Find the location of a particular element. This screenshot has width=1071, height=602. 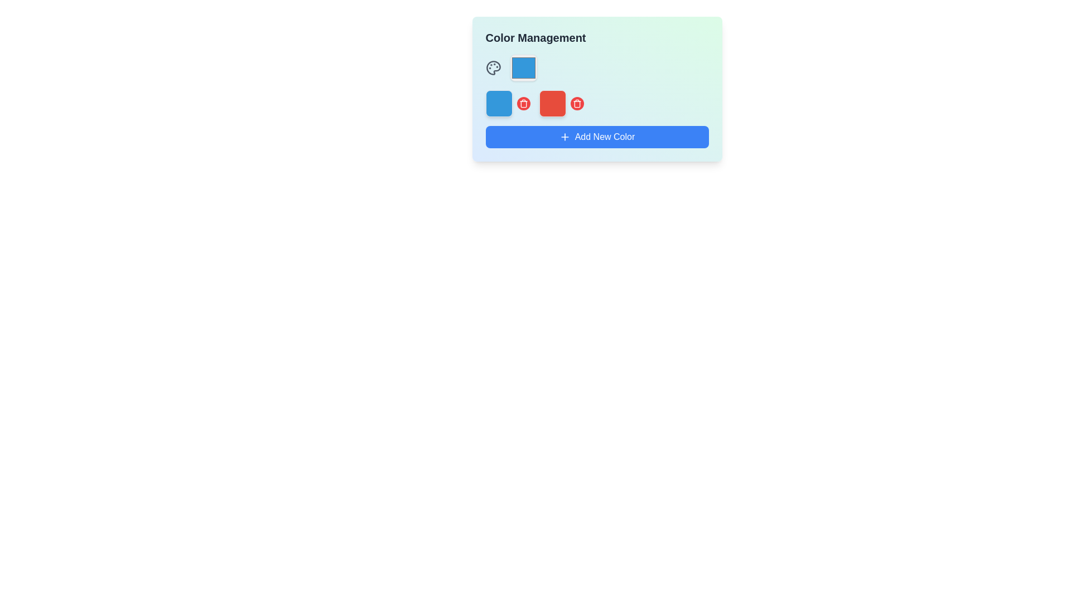

the icon that visually enhances the 'Add New Color' button is located at coordinates (565, 137).